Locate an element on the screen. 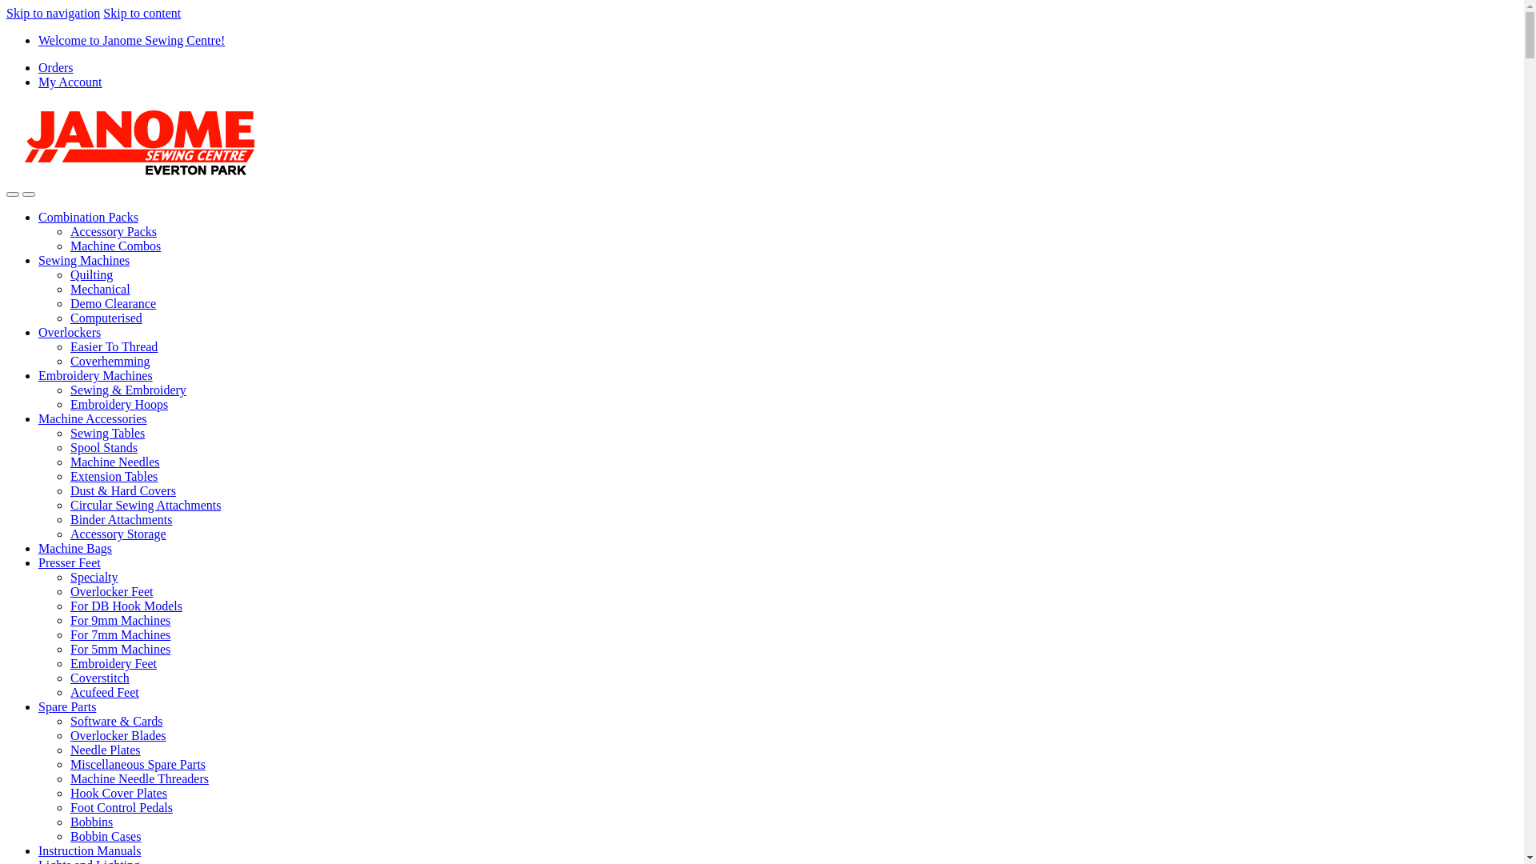  'Accessory Packs' is located at coordinates (113, 231).